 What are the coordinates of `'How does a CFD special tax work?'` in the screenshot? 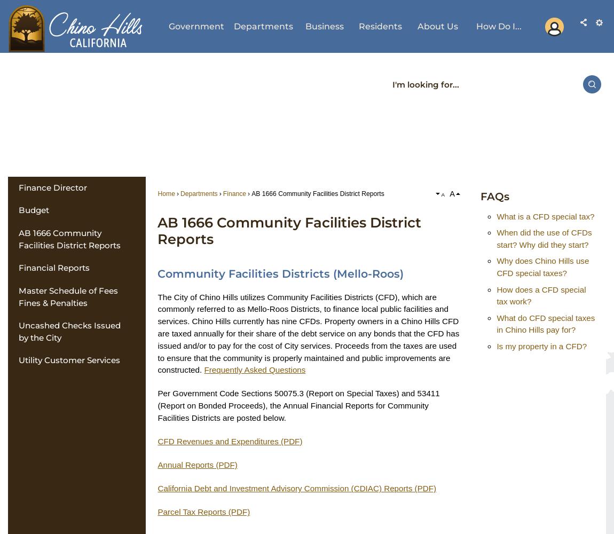 It's located at (541, 295).